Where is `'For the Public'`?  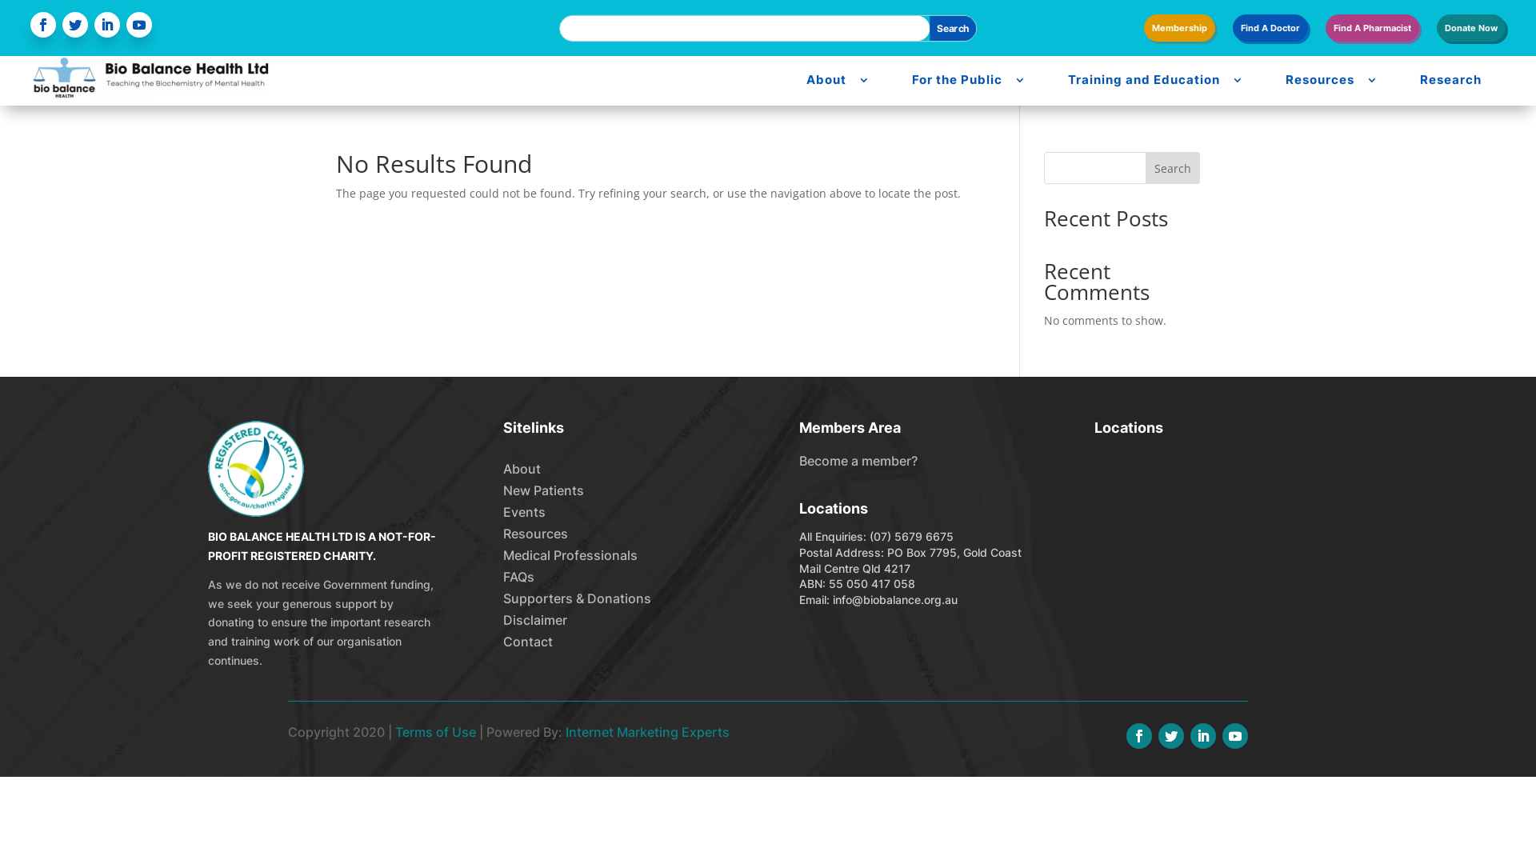
'For the Public' is located at coordinates (957, 80).